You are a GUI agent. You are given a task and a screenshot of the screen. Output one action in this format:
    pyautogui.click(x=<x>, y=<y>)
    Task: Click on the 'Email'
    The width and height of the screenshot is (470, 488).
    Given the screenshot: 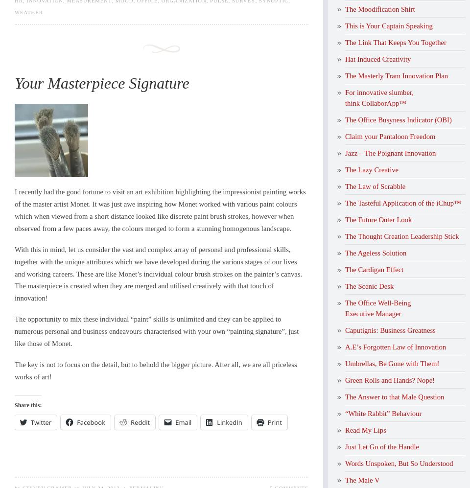 What is the action you would take?
    pyautogui.click(x=175, y=421)
    